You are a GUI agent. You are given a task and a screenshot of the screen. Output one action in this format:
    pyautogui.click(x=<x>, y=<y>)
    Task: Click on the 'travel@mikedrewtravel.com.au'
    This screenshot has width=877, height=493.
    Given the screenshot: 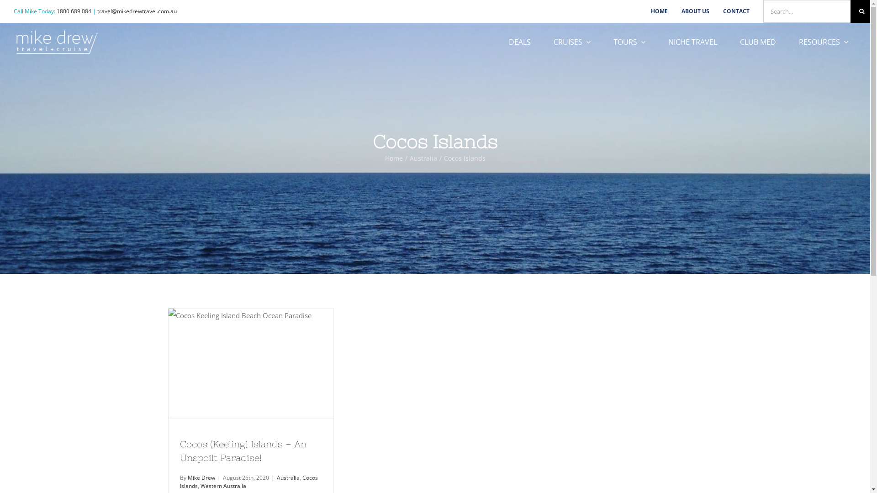 What is the action you would take?
    pyautogui.click(x=97, y=11)
    